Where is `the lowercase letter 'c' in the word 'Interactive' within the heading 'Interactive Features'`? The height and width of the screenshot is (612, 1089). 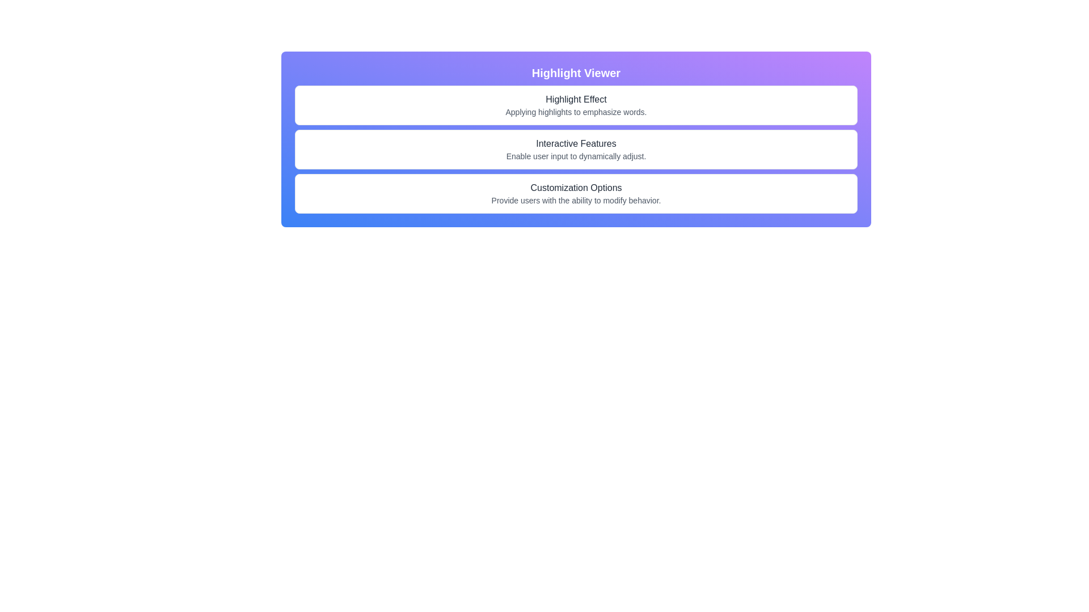 the lowercase letter 'c' in the word 'Interactive' within the heading 'Interactive Features' is located at coordinates (562, 143).